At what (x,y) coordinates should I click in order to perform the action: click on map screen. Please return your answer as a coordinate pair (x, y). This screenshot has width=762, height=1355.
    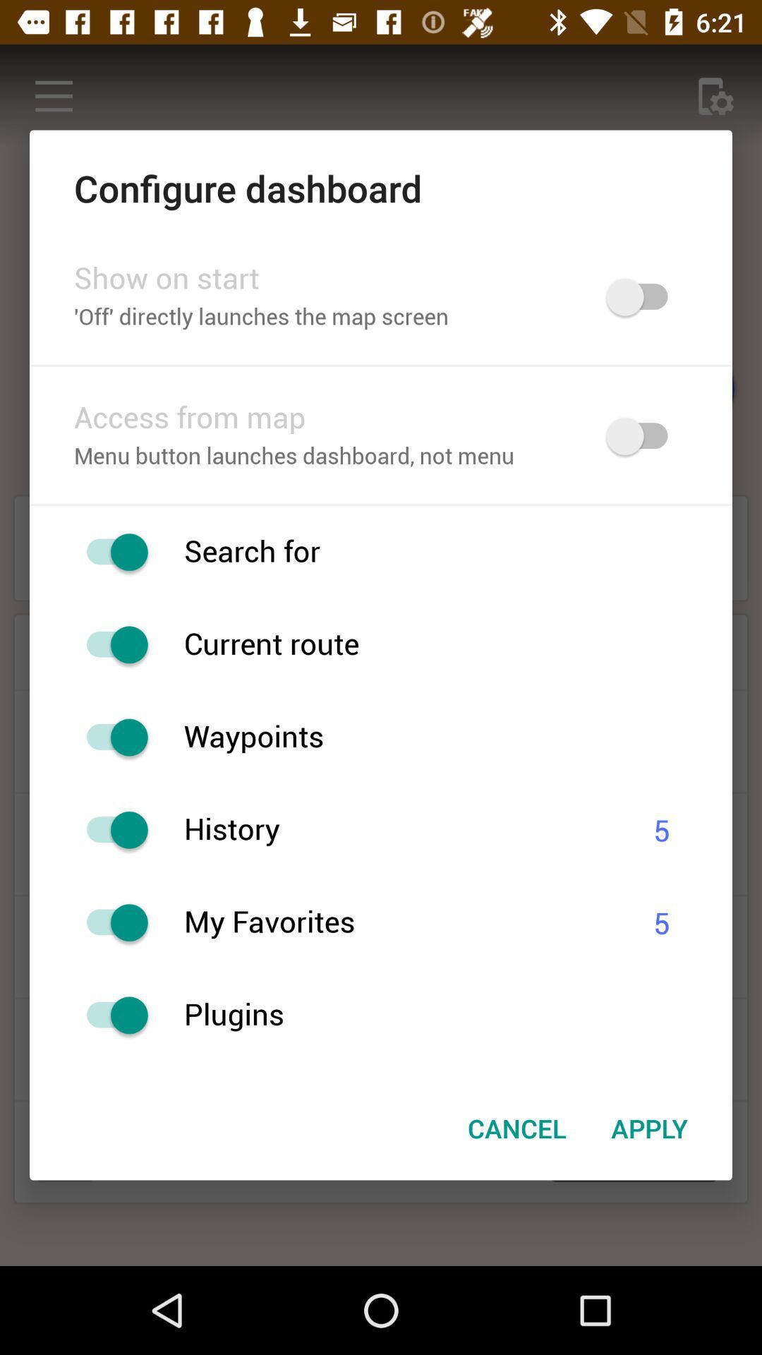
    Looking at the image, I should click on (643, 296).